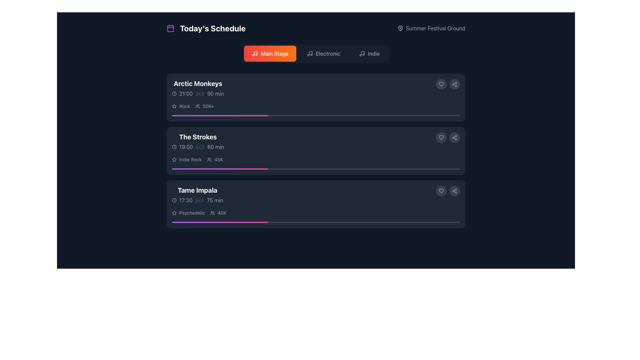  Describe the element at coordinates (216, 146) in the screenshot. I see `the '60 min' text label indicating the duration of the scheduled event for 'The Strokes.'` at that location.